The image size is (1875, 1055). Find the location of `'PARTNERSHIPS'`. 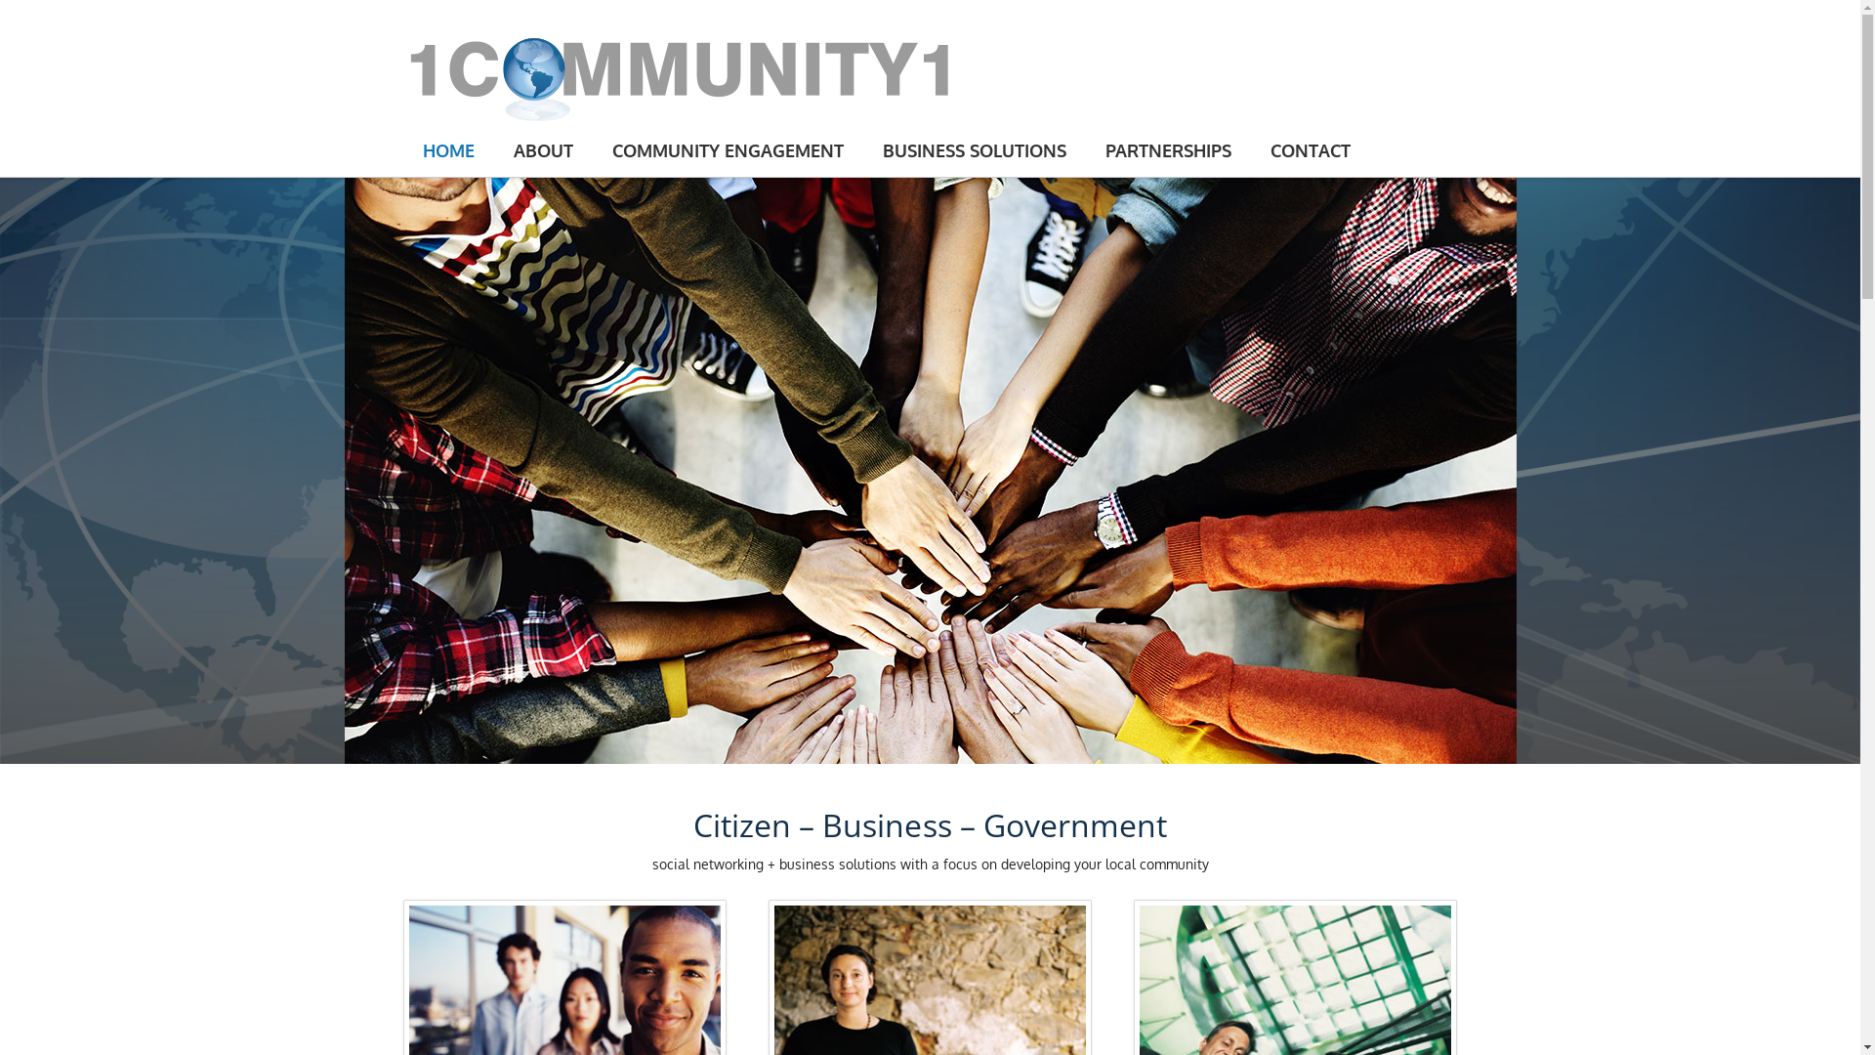

'PARTNERSHIPS' is located at coordinates (1085, 149).